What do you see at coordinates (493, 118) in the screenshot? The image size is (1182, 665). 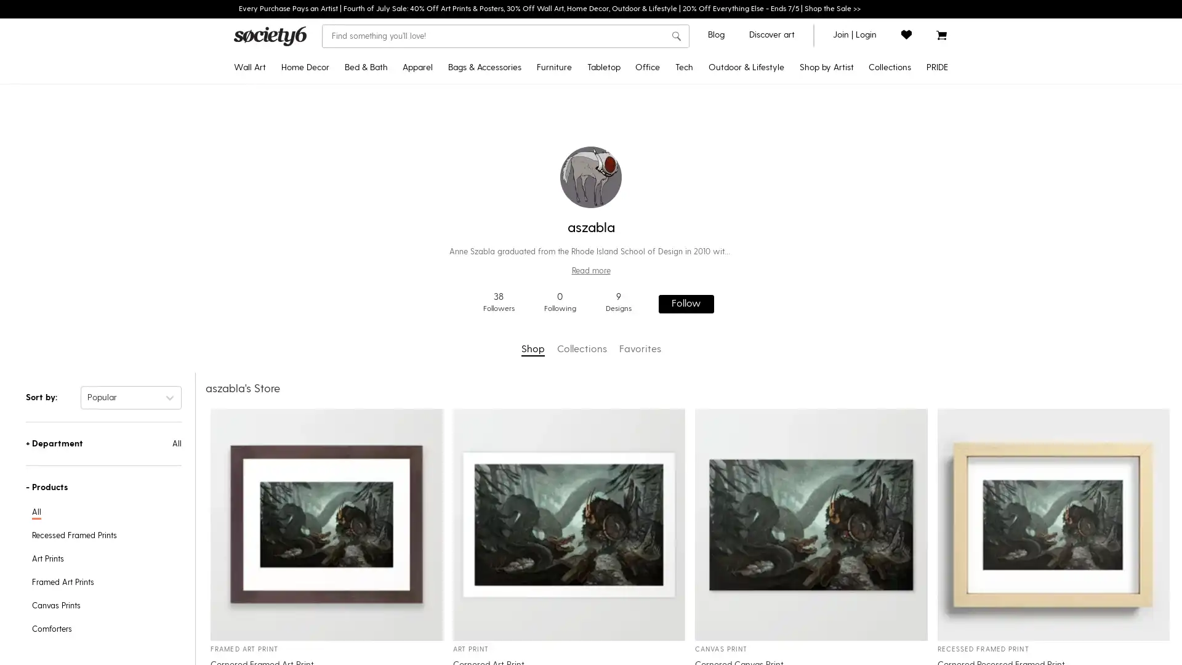 I see `Carry-All Pouches` at bounding box center [493, 118].